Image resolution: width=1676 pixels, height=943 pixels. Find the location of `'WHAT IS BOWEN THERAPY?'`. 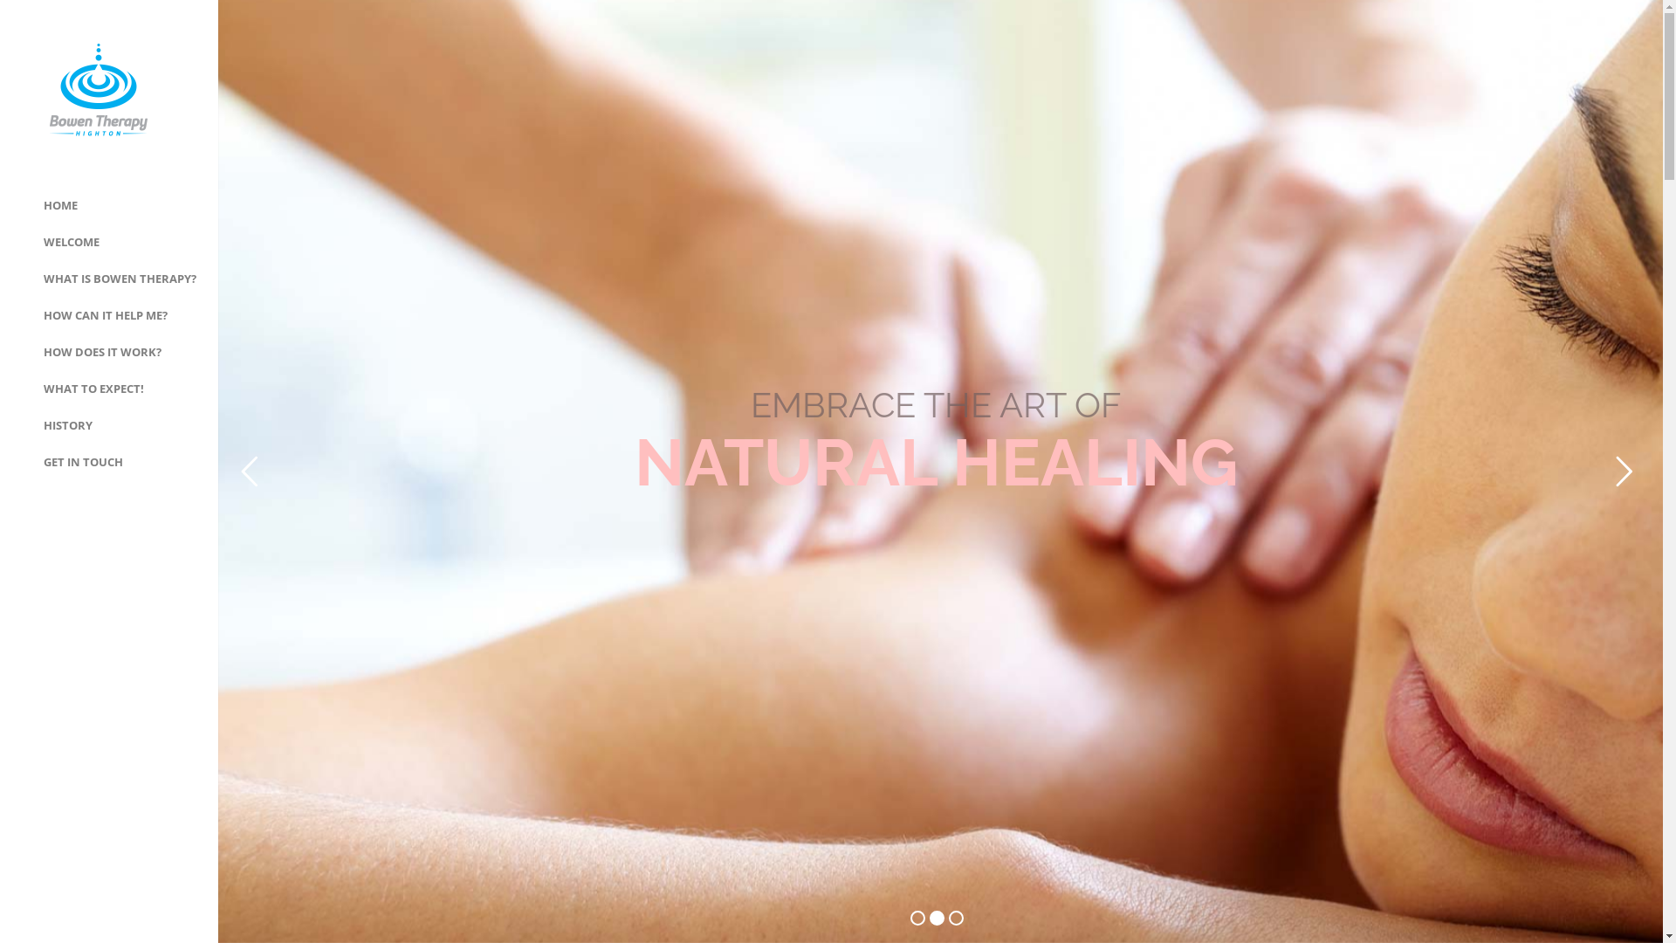

'WHAT IS BOWEN THERAPY?' is located at coordinates (119, 278).